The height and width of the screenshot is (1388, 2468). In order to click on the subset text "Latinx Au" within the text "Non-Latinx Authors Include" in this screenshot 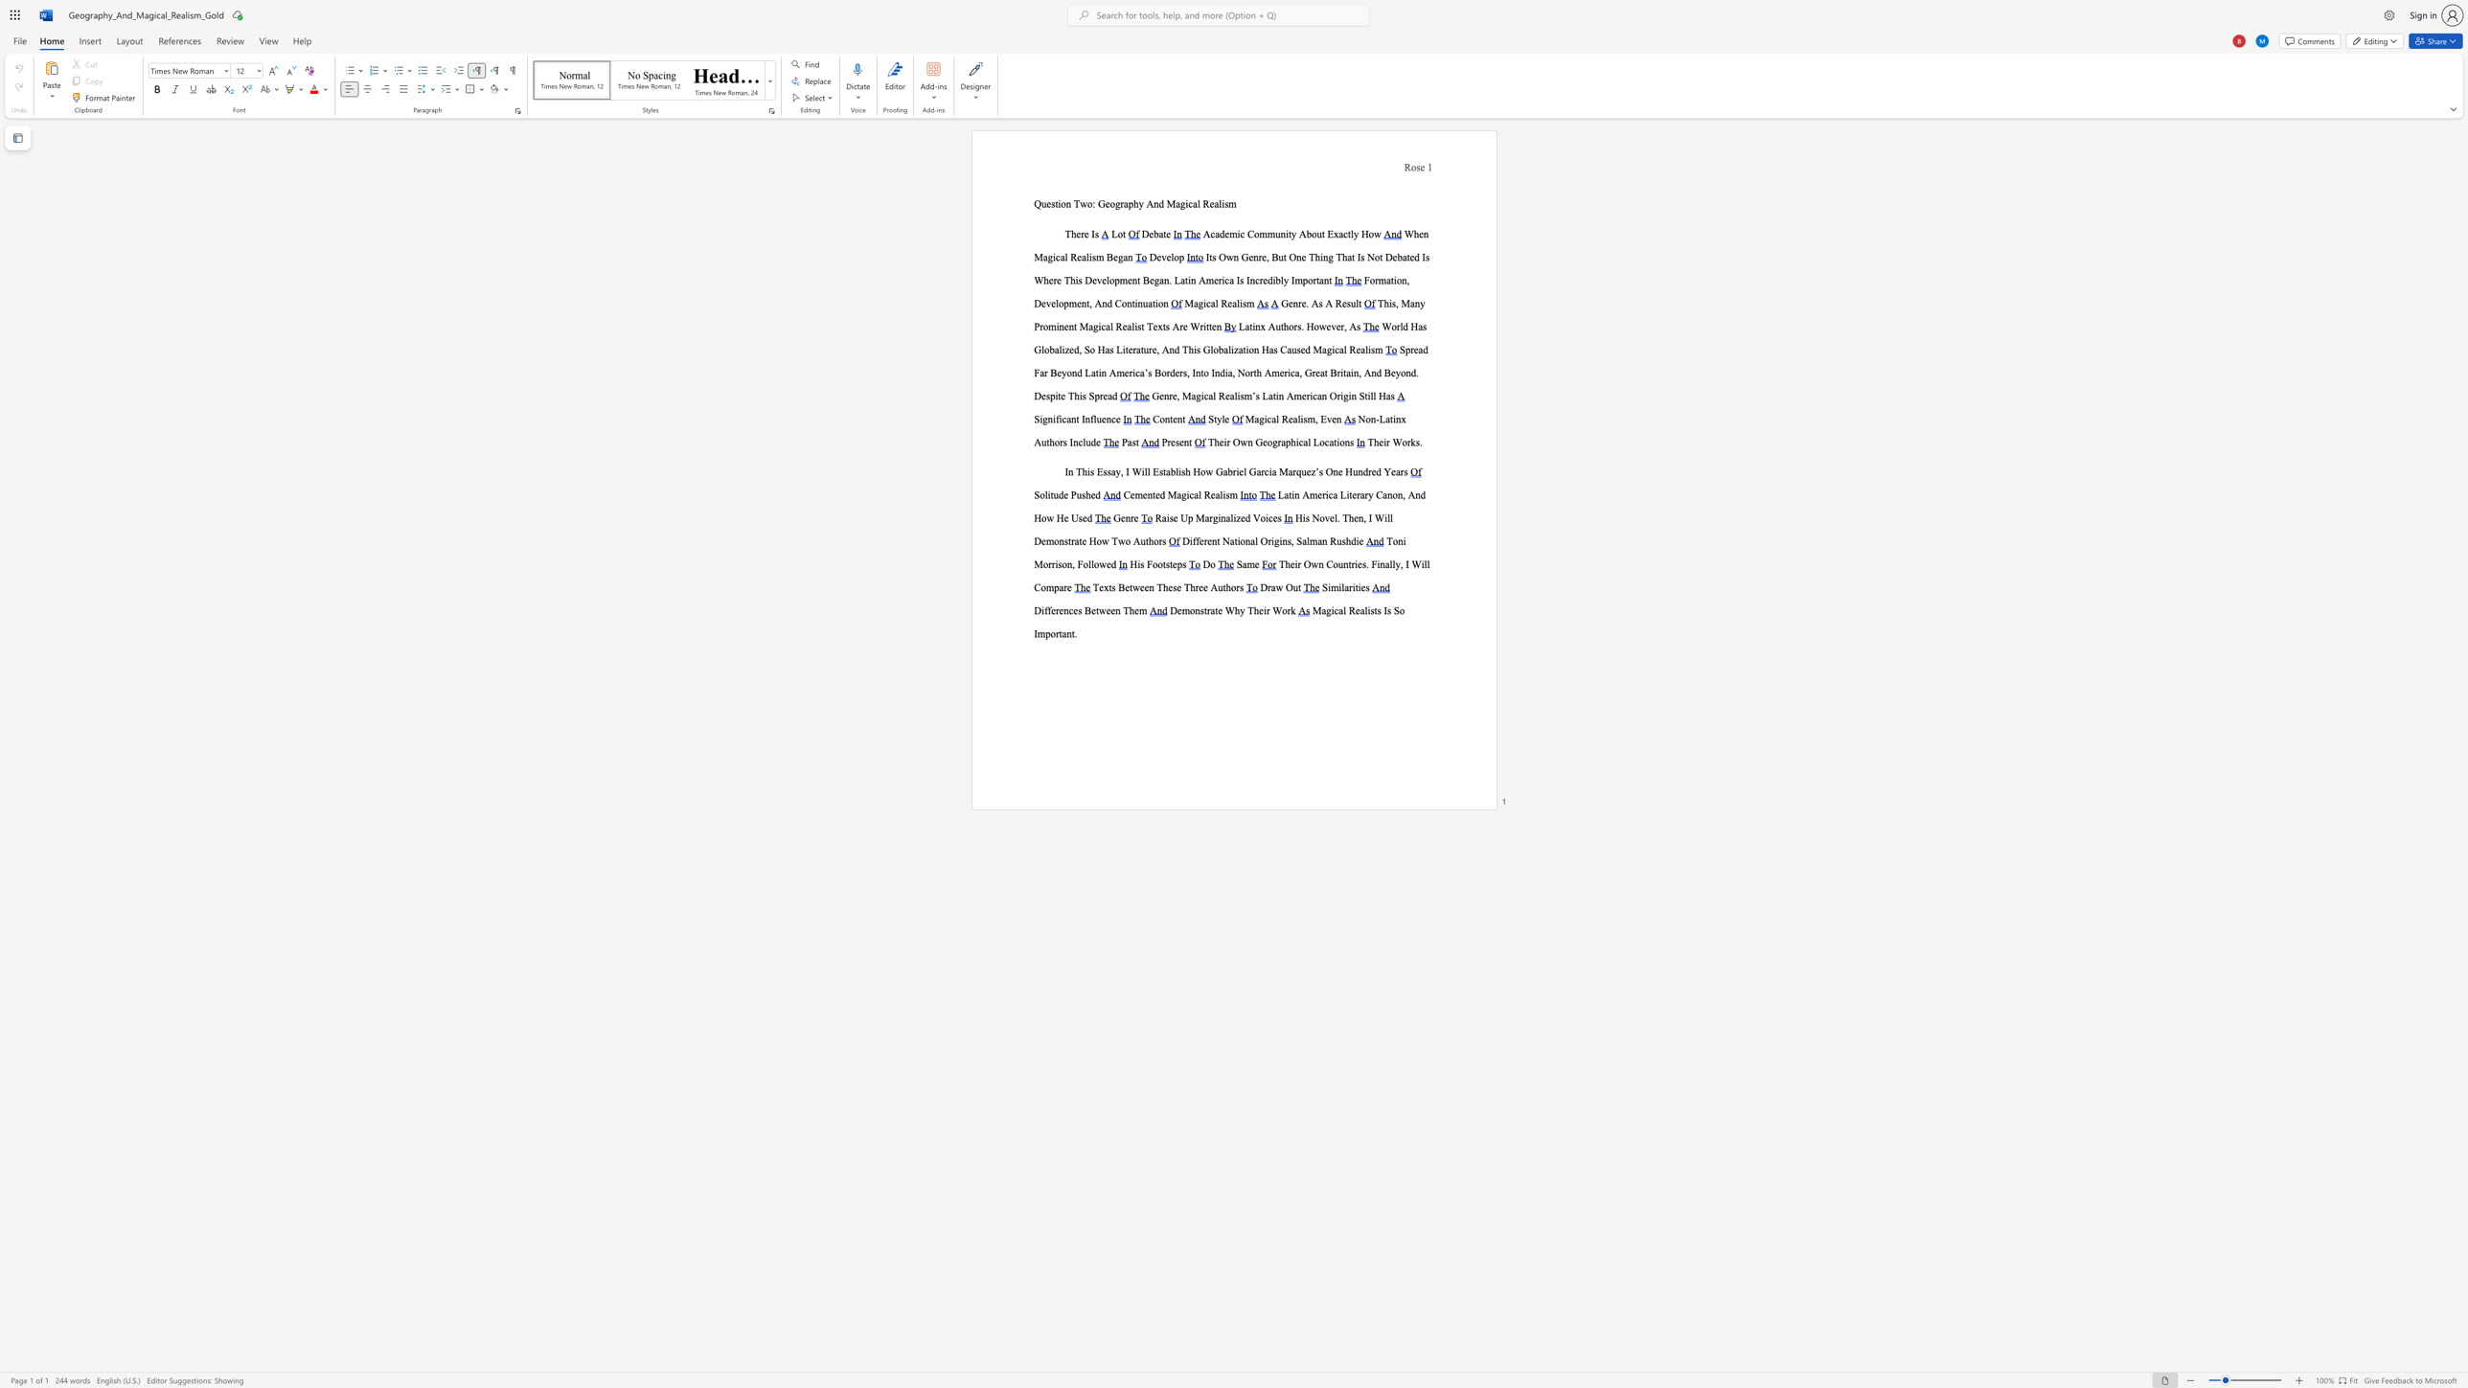, I will do `click(1379, 419)`.